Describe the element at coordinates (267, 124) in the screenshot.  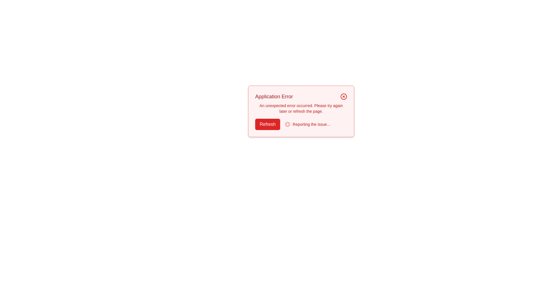
I see `the refresh button located at the bottom left of the 'Application Error' dialog box to observe any interactive feedback` at that location.